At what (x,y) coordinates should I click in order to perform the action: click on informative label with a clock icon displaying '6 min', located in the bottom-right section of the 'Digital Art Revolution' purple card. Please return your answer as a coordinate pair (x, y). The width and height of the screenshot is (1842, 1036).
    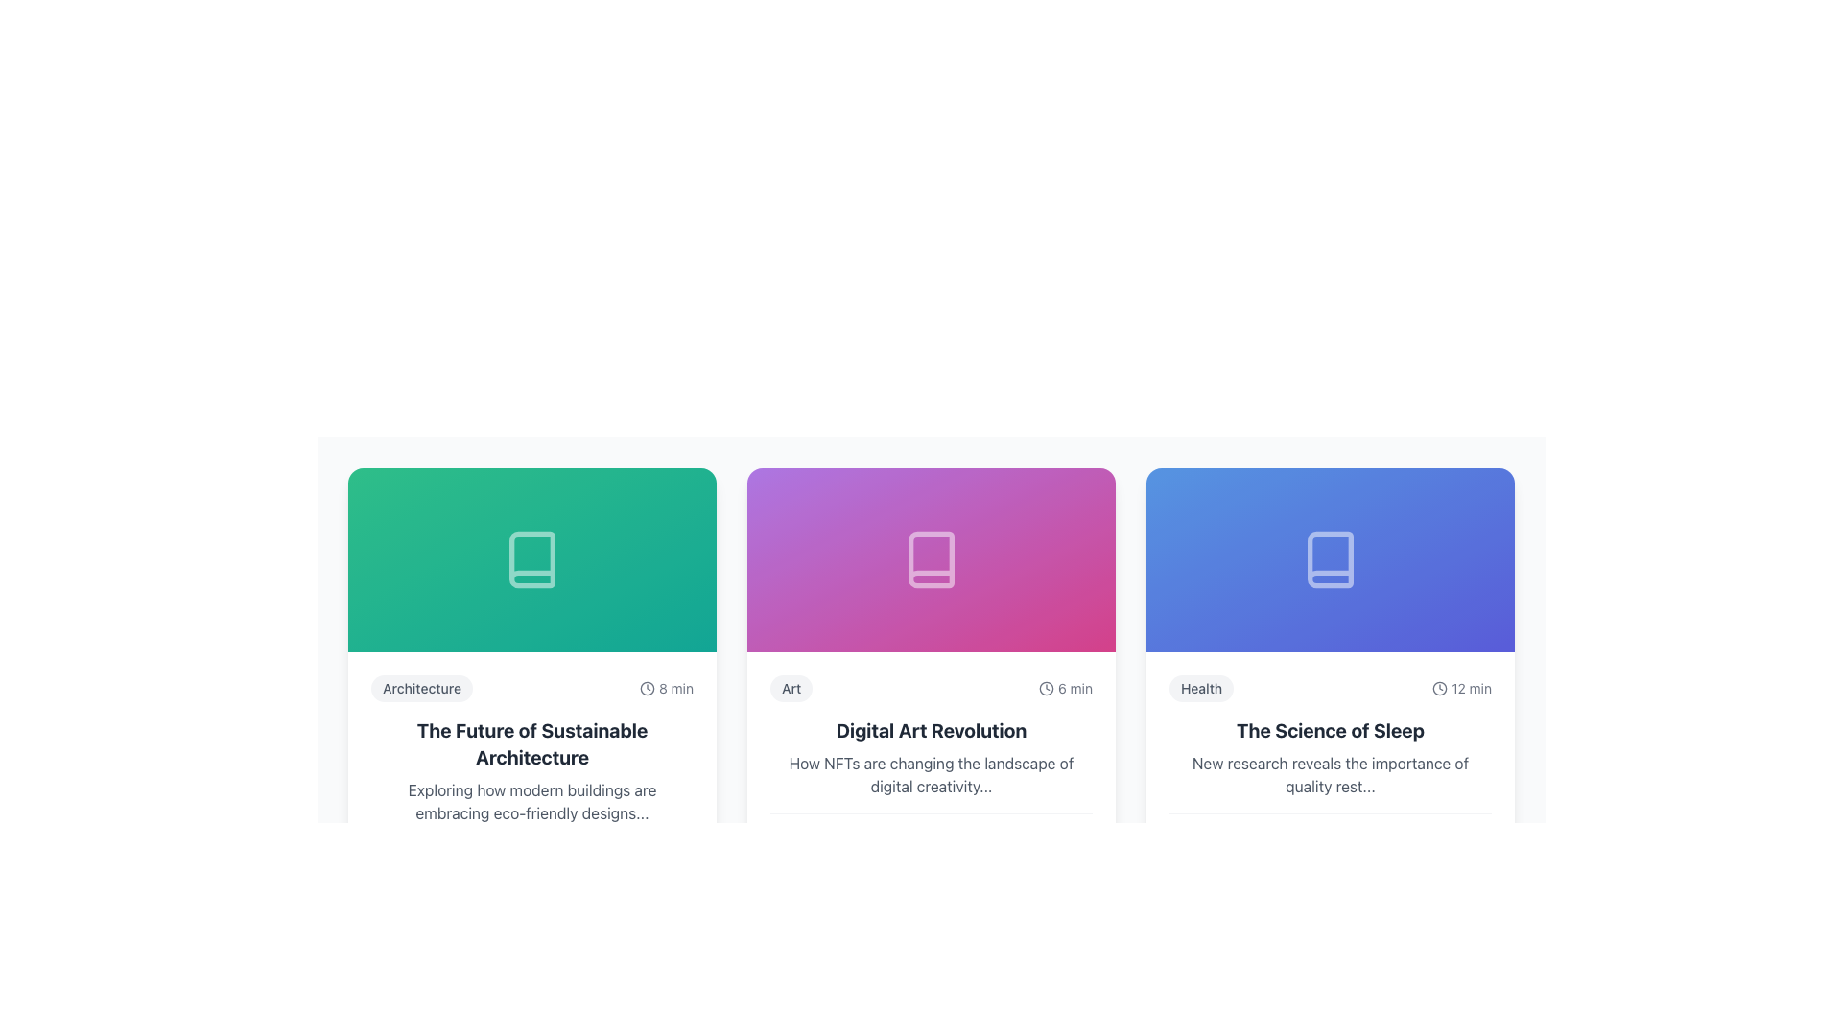
    Looking at the image, I should click on (1065, 687).